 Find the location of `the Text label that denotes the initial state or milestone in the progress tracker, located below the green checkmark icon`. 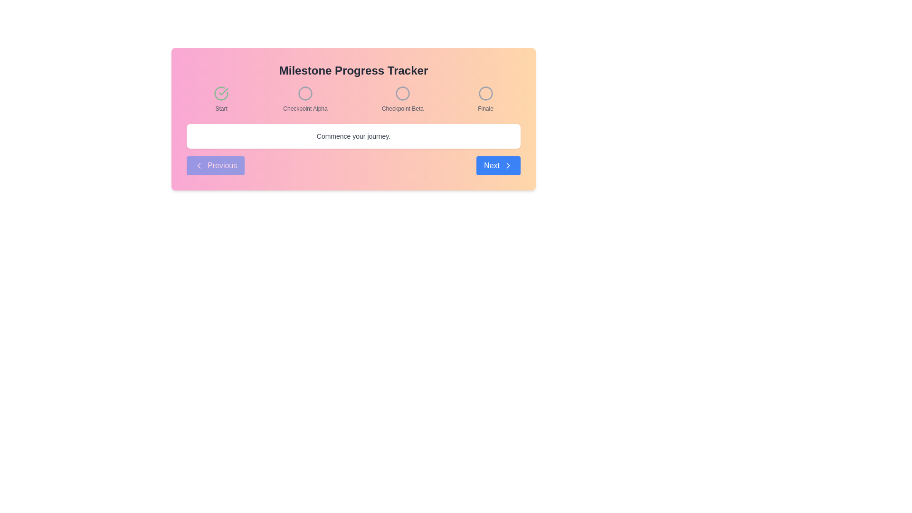

the Text label that denotes the initial state or milestone in the progress tracker, located below the green checkmark icon is located at coordinates (221, 108).